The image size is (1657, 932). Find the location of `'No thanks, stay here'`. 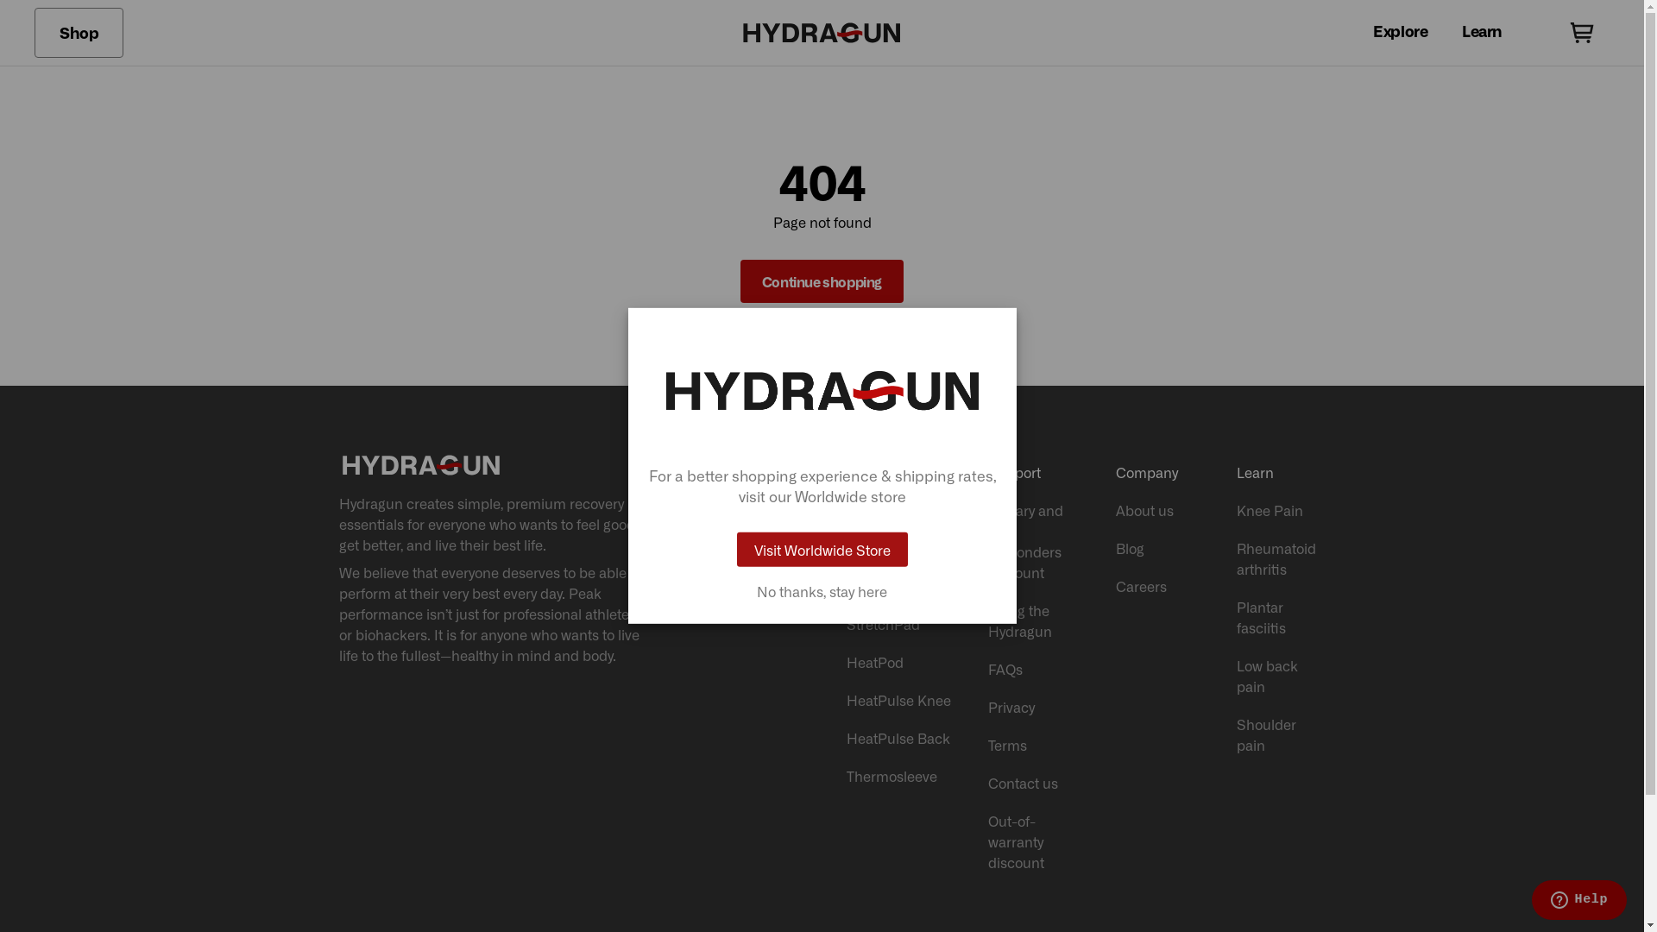

'No thanks, stay here' is located at coordinates (822, 590).